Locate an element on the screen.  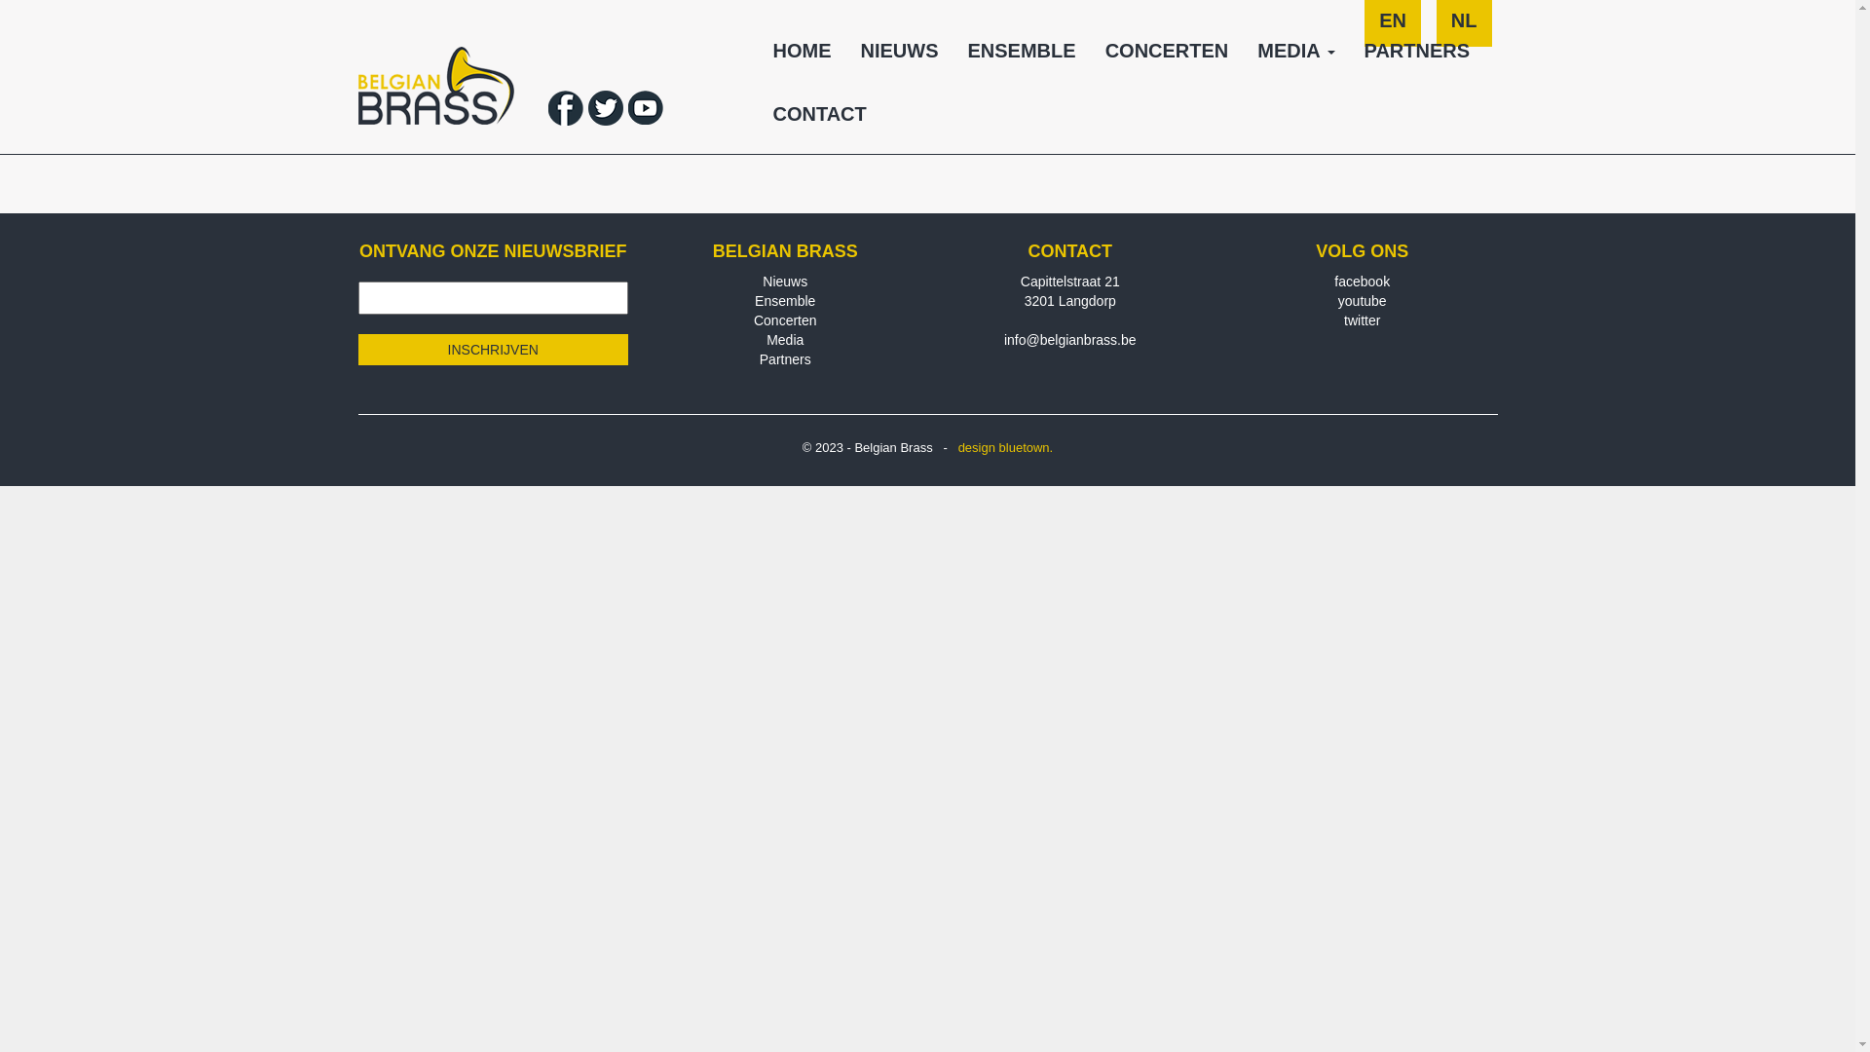
'Media' is located at coordinates (785, 338).